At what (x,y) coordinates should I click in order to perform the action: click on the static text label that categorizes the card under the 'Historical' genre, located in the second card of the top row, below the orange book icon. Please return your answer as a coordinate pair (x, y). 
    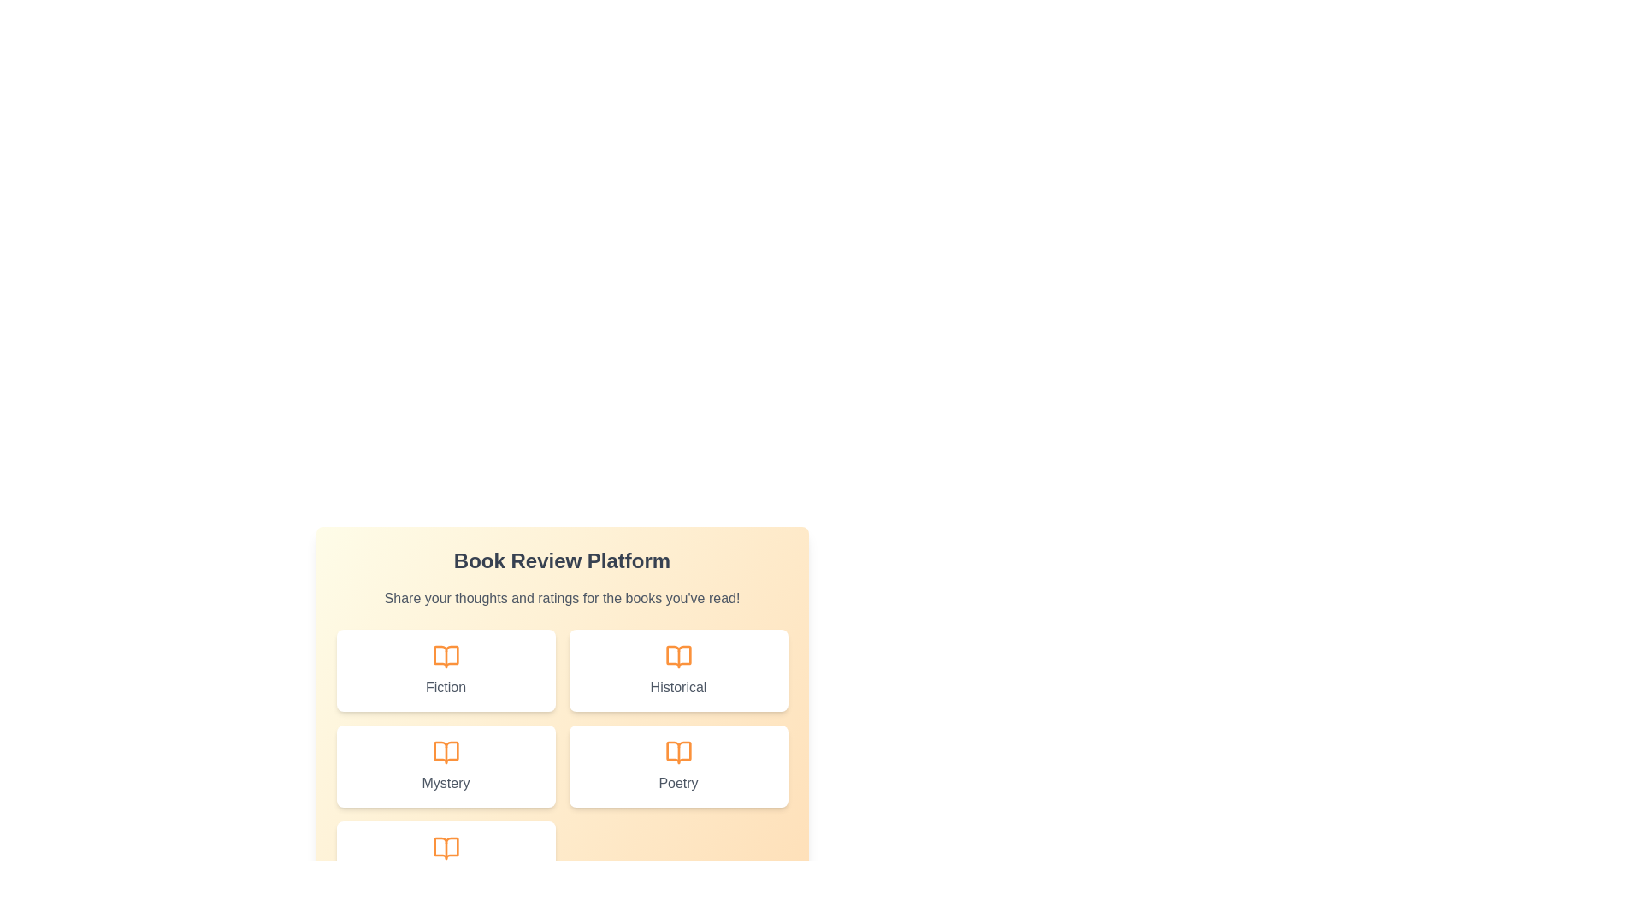
    Looking at the image, I should click on (677, 686).